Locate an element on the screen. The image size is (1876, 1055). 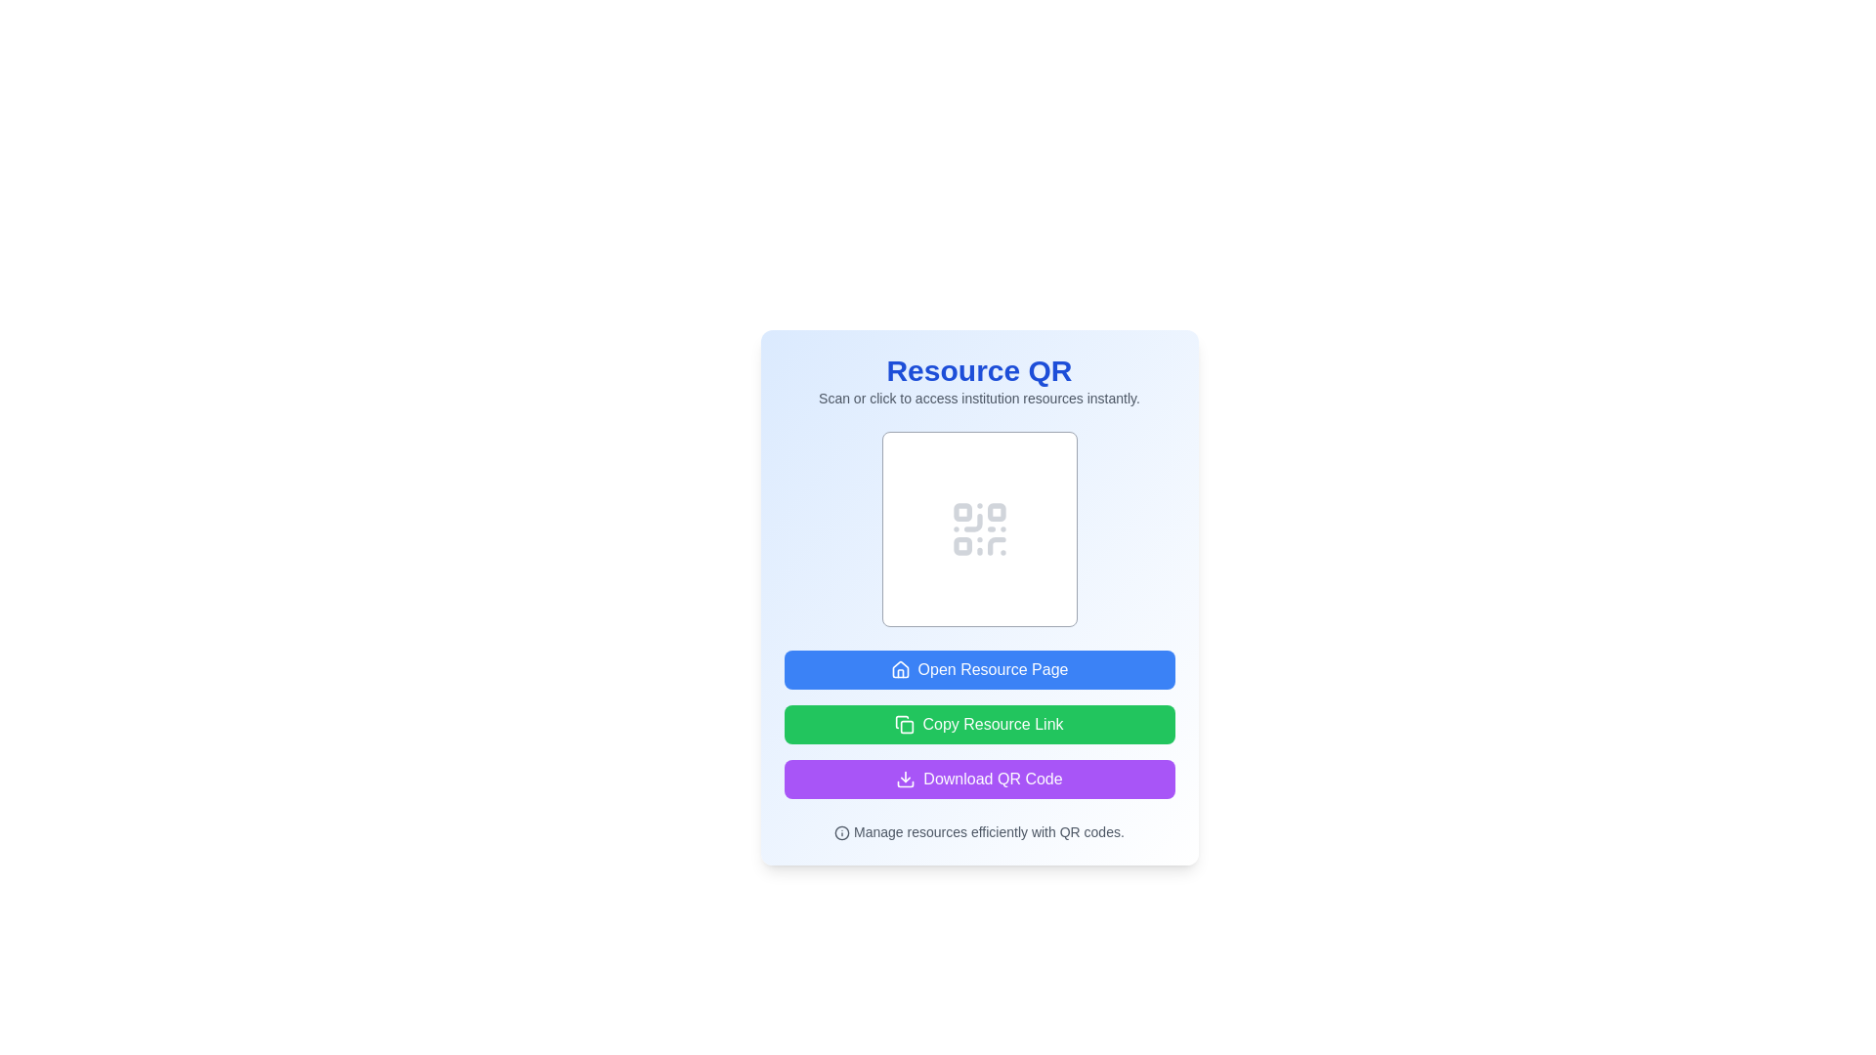
text content of the Text Label that indicates the purpose of the 'Download QR Code' button, which is located to the right of the button and is the third option in a vertical set beneath the 'Copy Resource Link' button is located at coordinates (993, 779).